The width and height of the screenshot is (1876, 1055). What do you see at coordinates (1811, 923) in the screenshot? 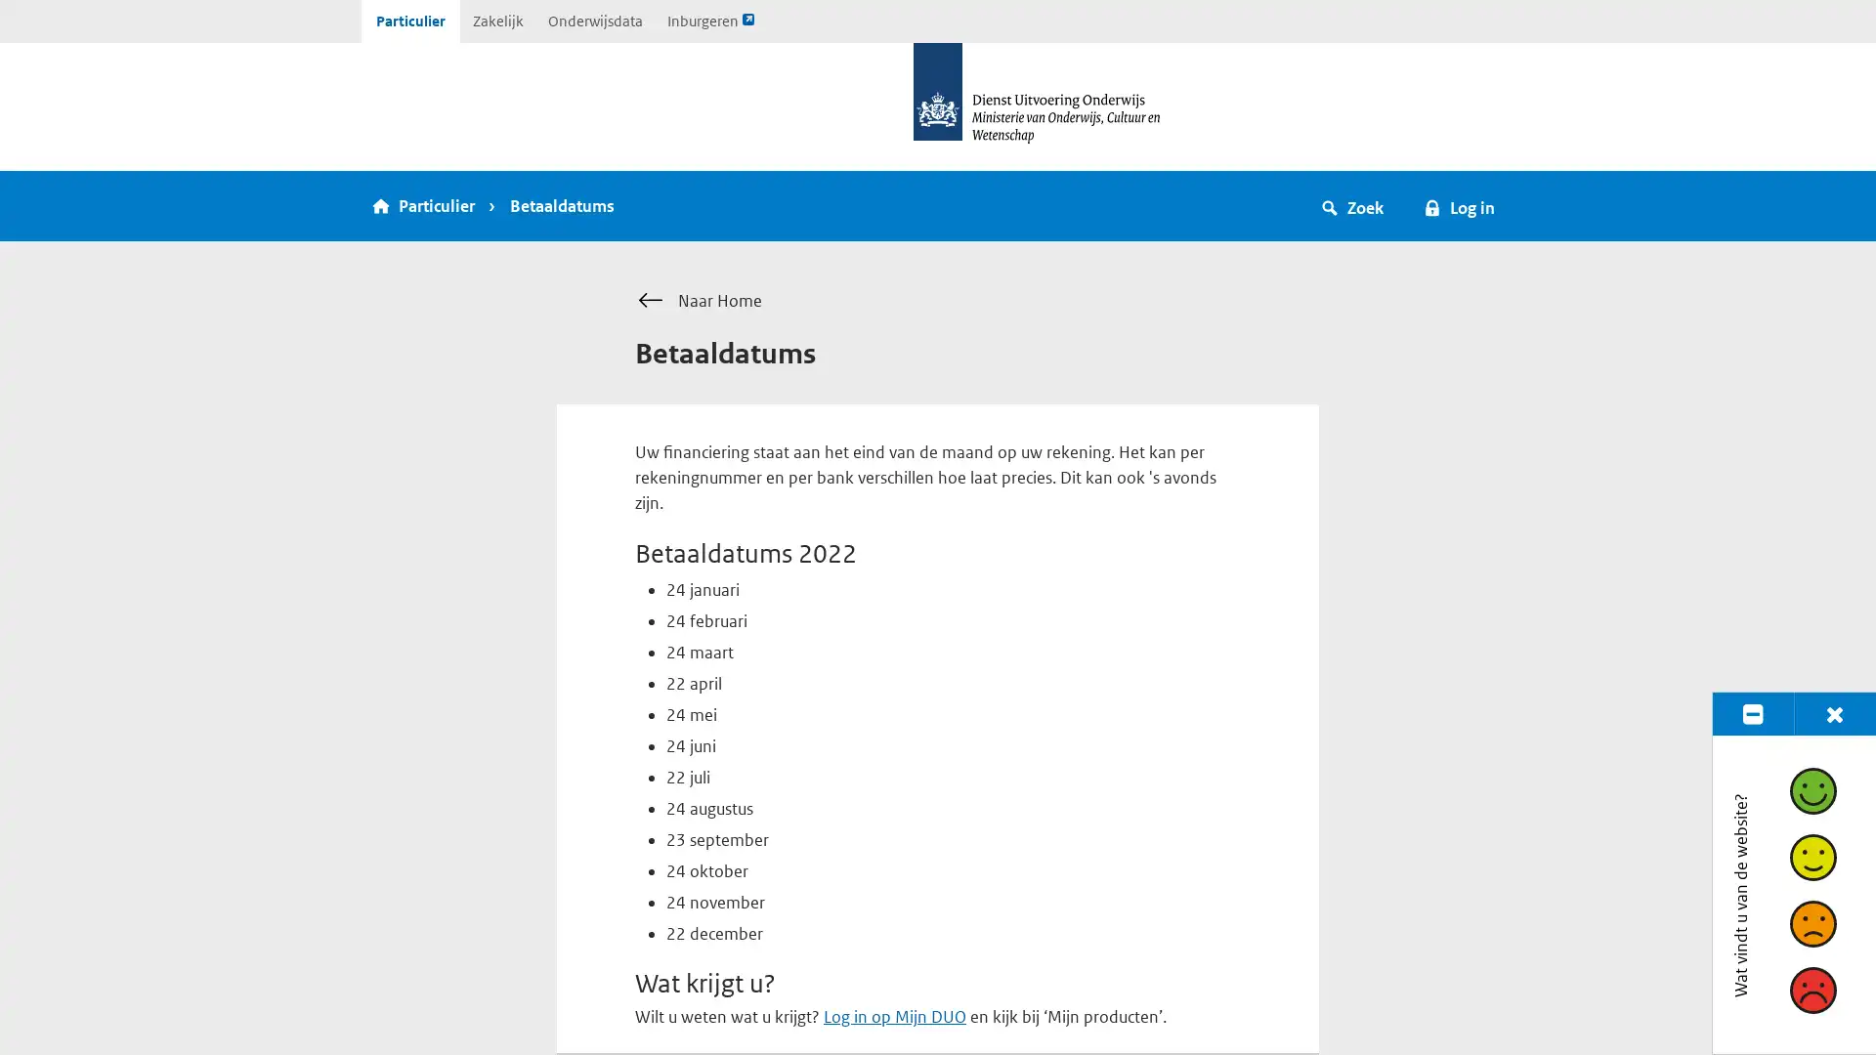
I see `Matig` at bounding box center [1811, 923].